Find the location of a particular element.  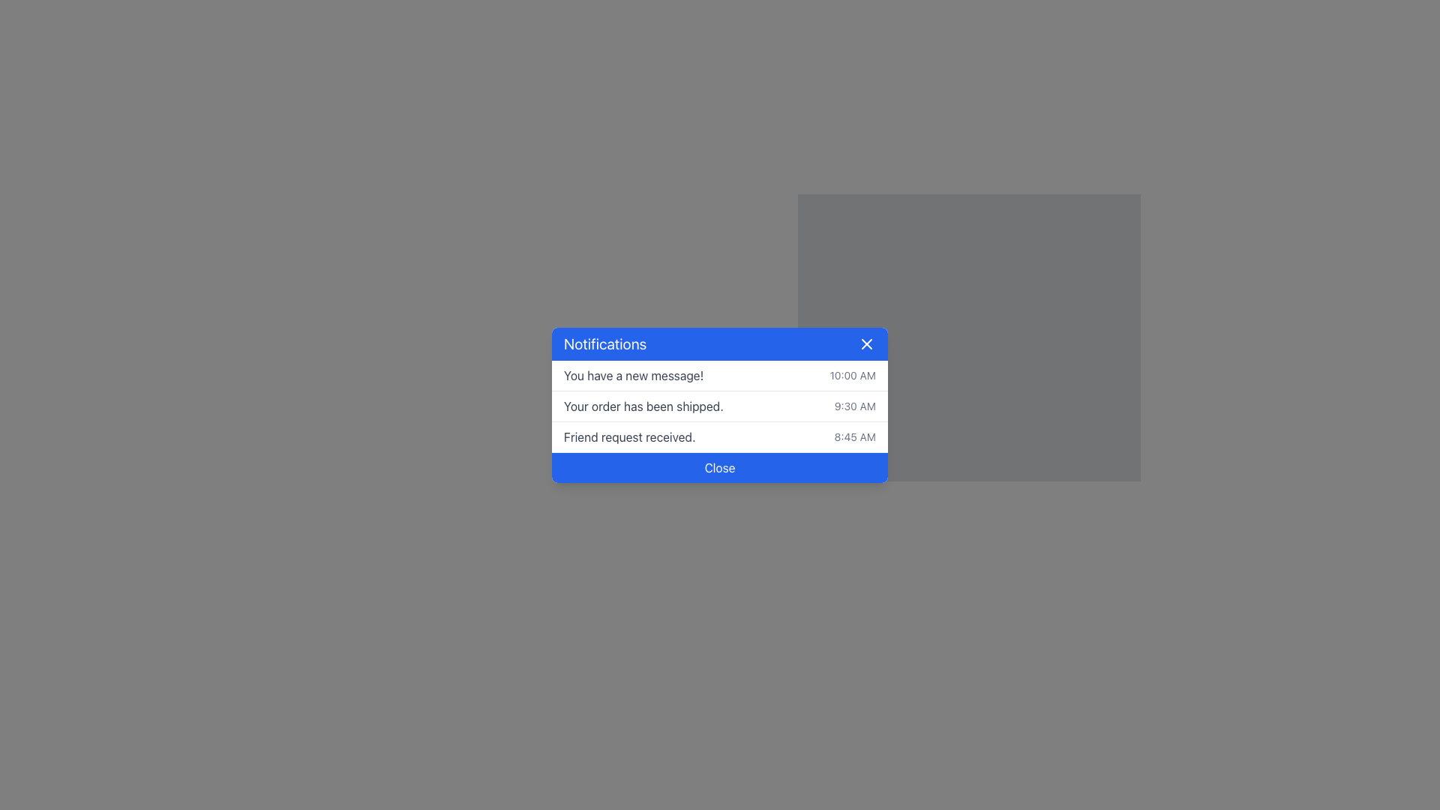

the 'Notifications' text label styled in white text on a blue background, located at the top-left of the header bar is located at coordinates (605, 343).